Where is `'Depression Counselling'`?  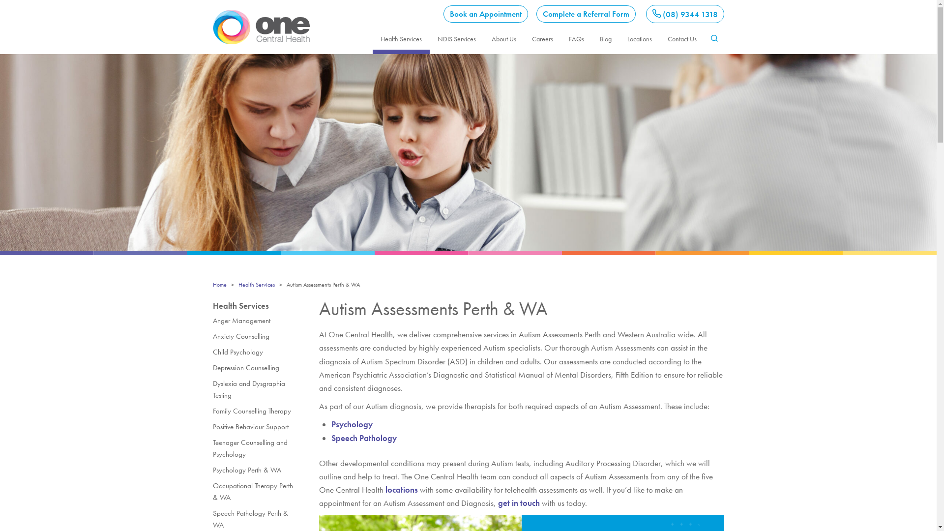 'Depression Counselling' is located at coordinates (212, 368).